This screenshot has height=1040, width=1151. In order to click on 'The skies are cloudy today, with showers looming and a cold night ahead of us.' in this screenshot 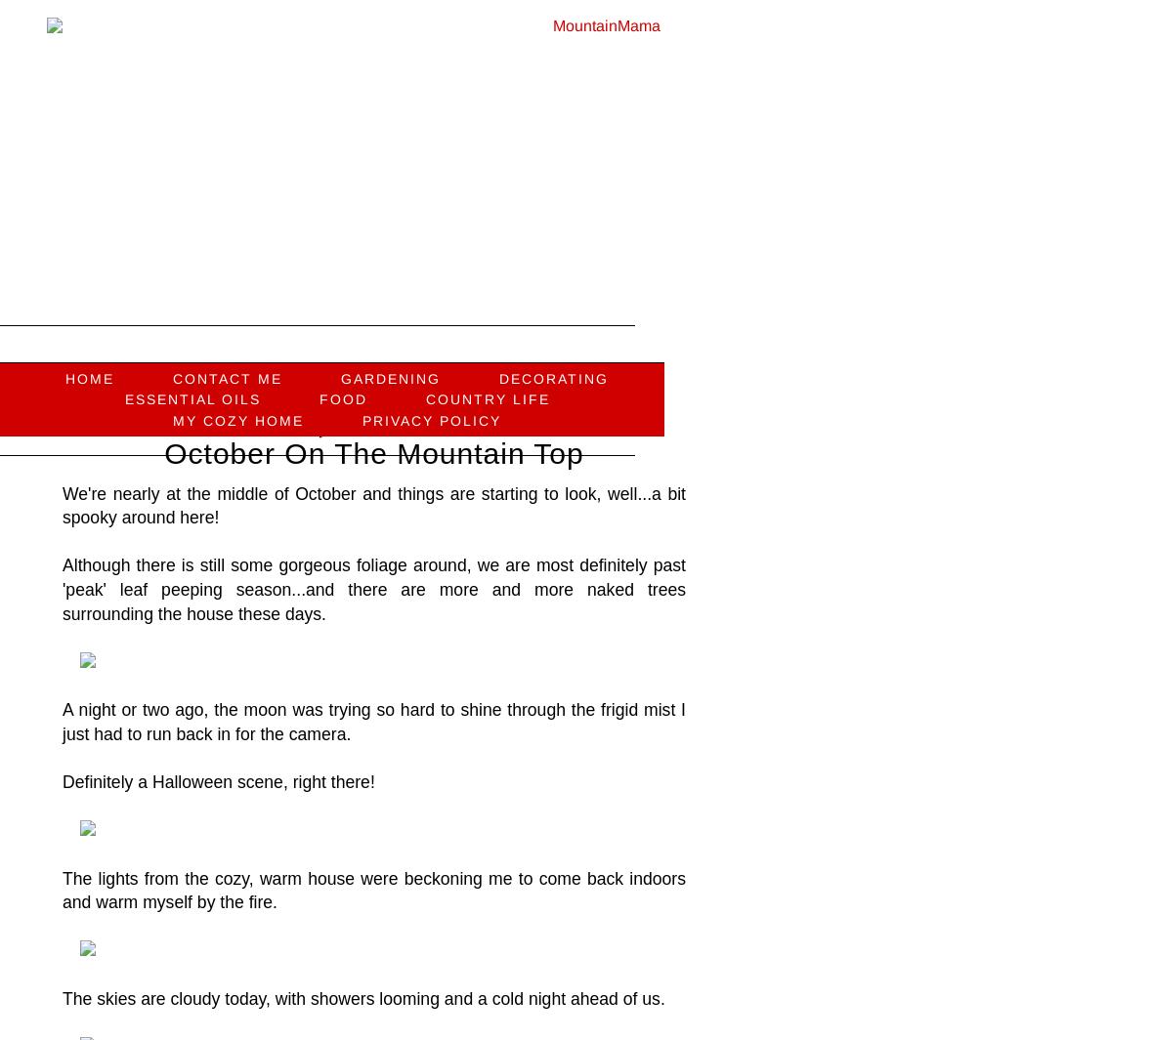, I will do `click(365, 997)`.